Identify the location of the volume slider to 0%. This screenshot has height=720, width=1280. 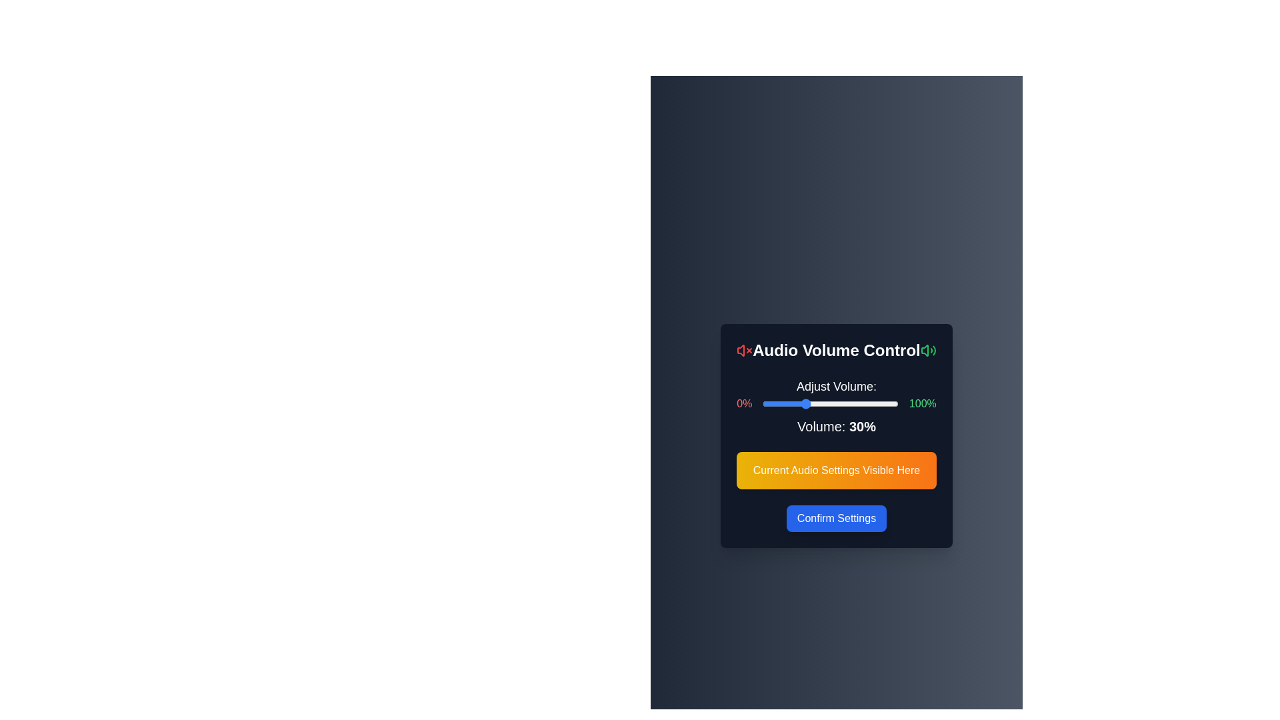
(763, 403).